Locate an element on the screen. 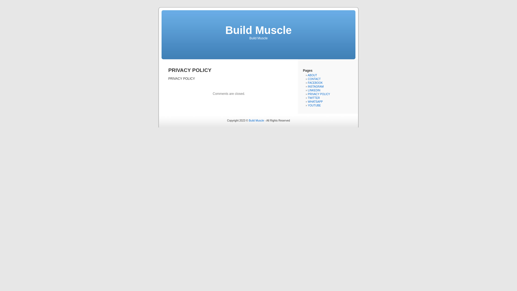 The width and height of the screenshot is (517, 291). 'ABOUT' is located at coordinates (312, 75).